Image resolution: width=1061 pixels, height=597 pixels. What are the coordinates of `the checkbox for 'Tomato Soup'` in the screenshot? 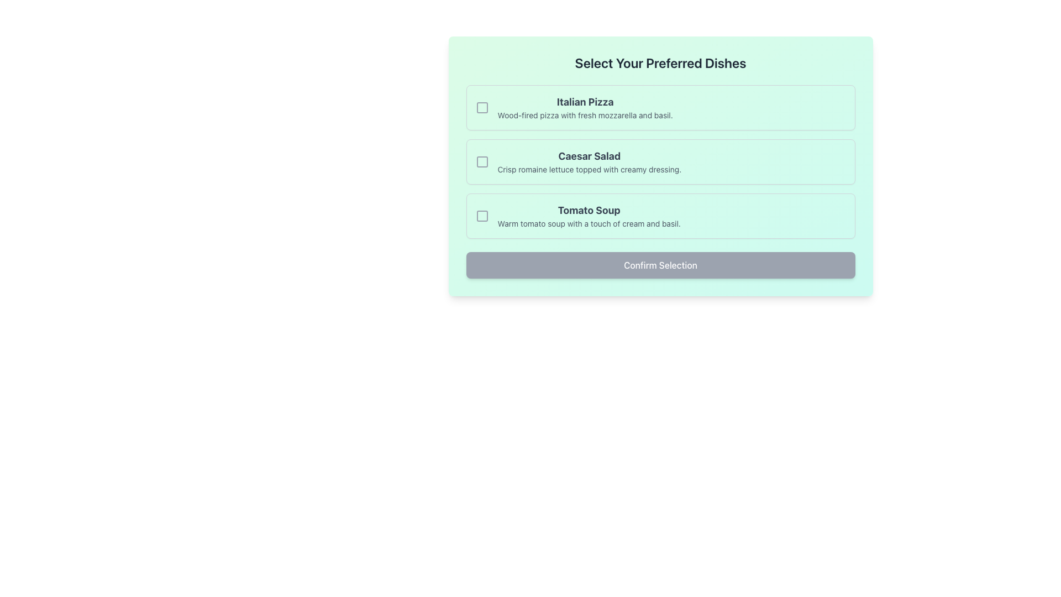 It's located at (482, 216).